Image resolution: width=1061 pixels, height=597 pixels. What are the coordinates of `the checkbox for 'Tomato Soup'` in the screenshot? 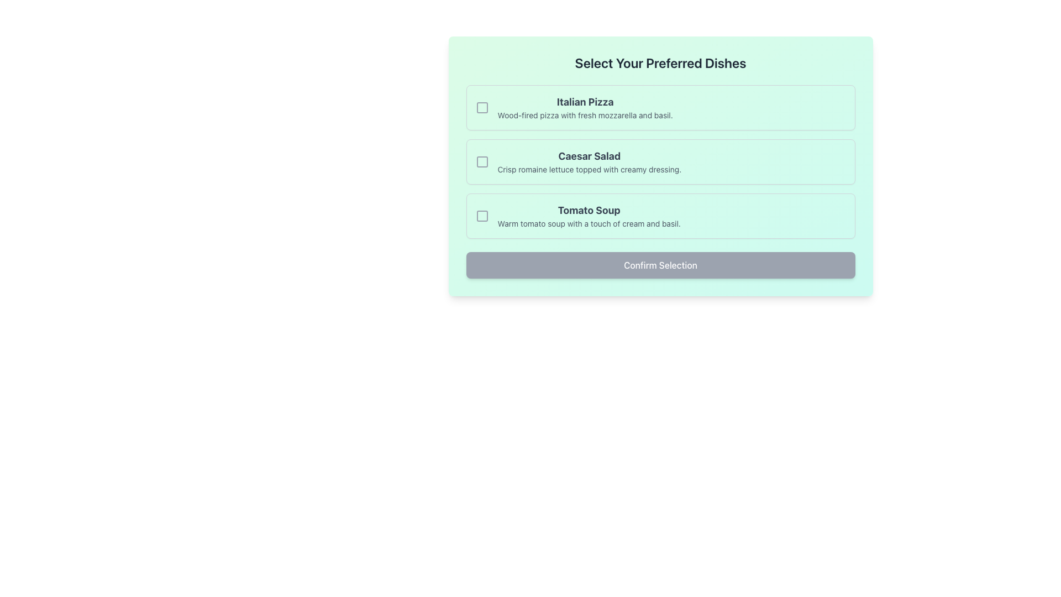 It's located at (482, 216).